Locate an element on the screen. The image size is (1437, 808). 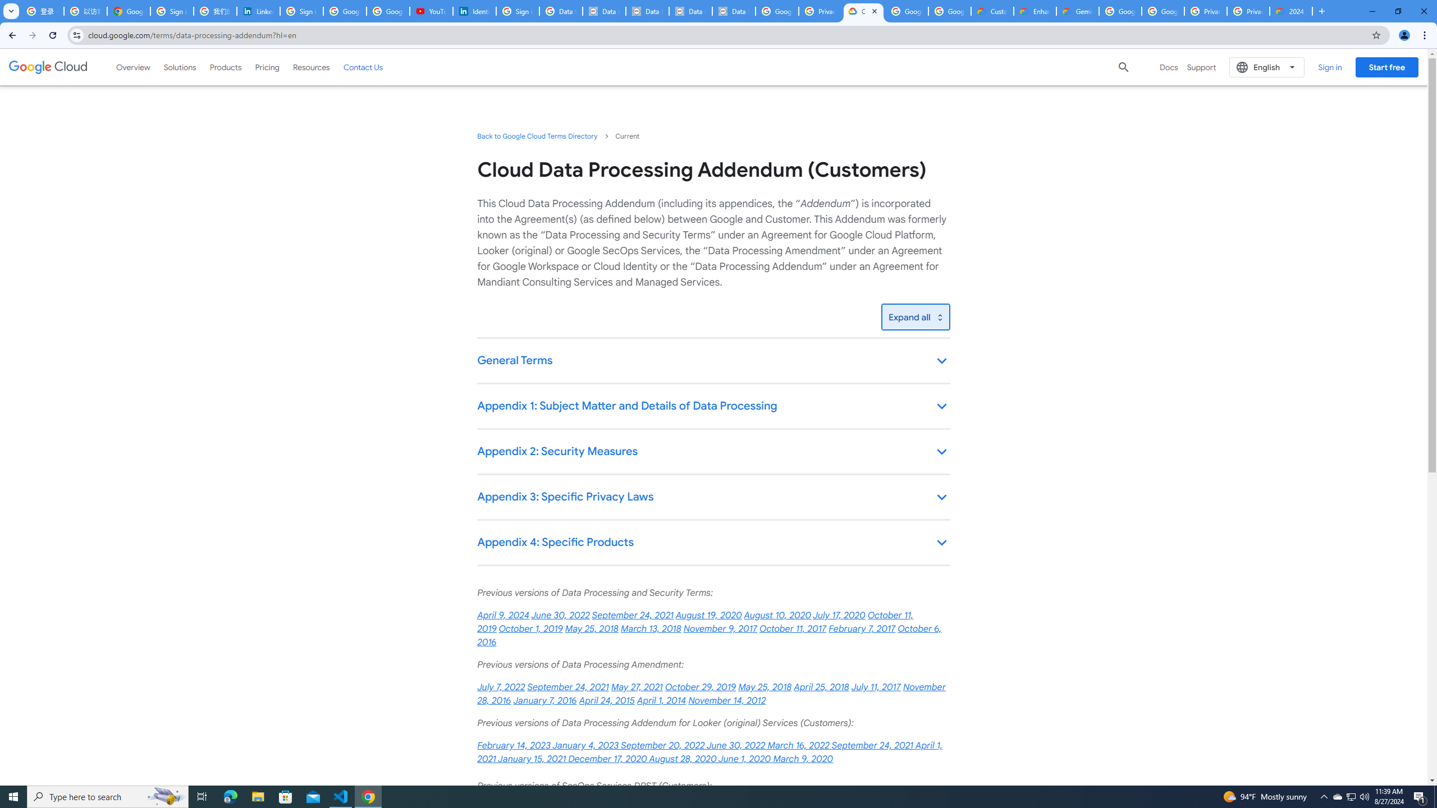
'Toggle all' is located at coordinates (915, 316).